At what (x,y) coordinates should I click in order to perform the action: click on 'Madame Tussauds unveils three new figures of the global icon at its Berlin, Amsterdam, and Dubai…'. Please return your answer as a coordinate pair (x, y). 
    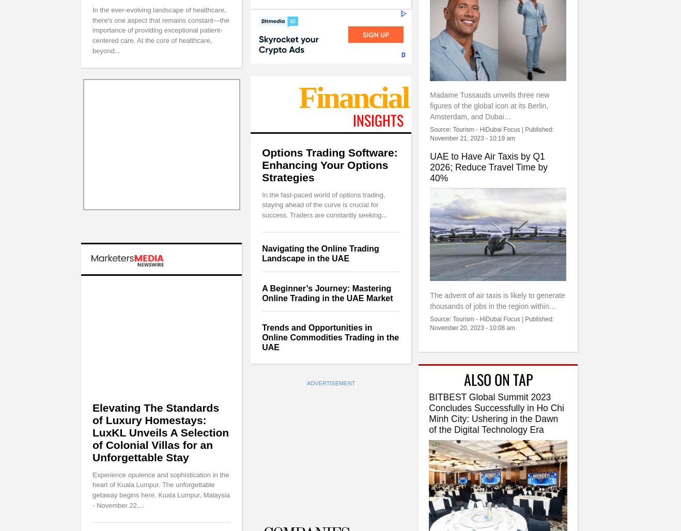
    Looking at the image, I should click on (489, 105).